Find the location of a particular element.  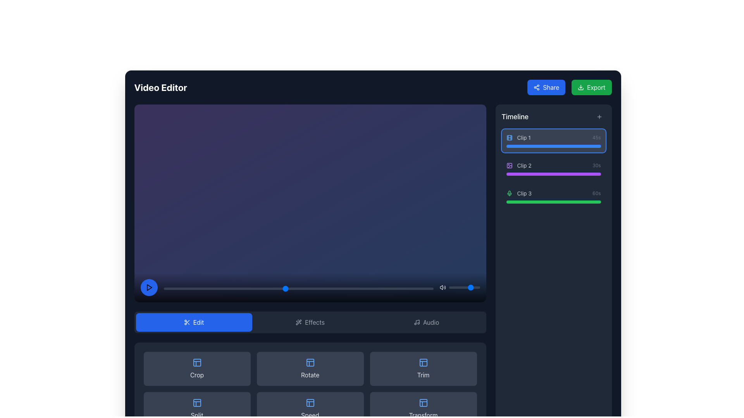

the 'Crop' button in the video editor, located in the first column of the top row of the grid layout is located at coordinates (197, 368).